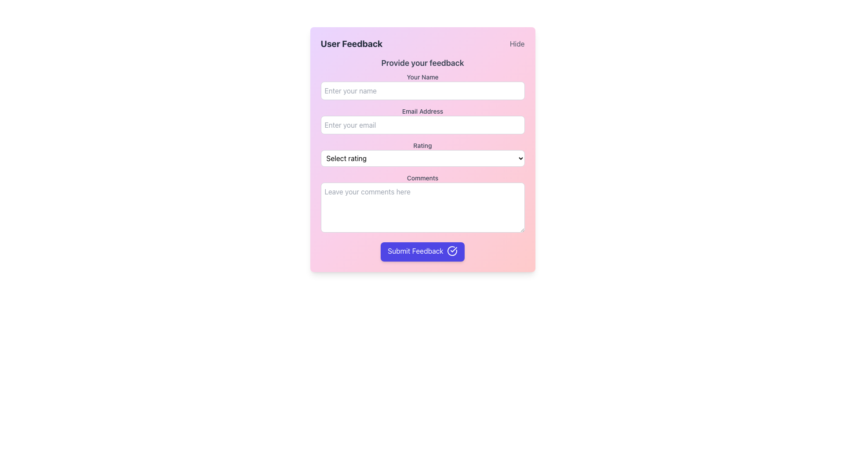  Describe the element at coordinates (422, 252) in the screenshot. I see `the 'Submit Feedback' button with a purple background and white text` at that location.